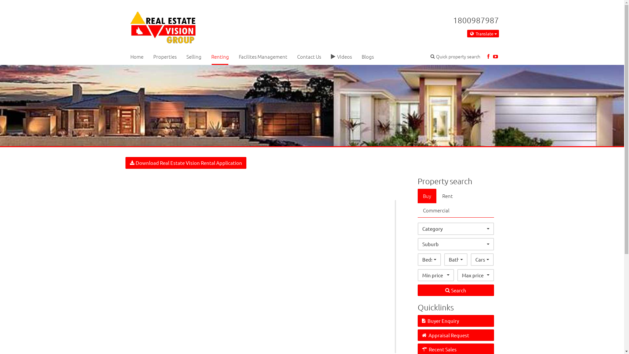 Image resolution: width=629 pixels, height=354 pixels. Describe the element at coordinates (455, 56) in the screenshot. I see `'Quick property search'` at that location.